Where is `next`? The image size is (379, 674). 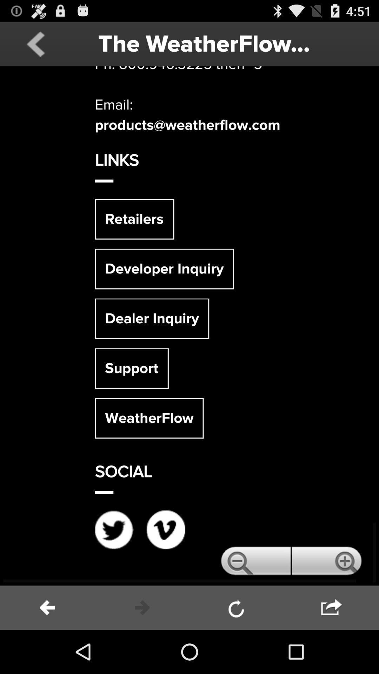 next is located at coordinates (142, 607).